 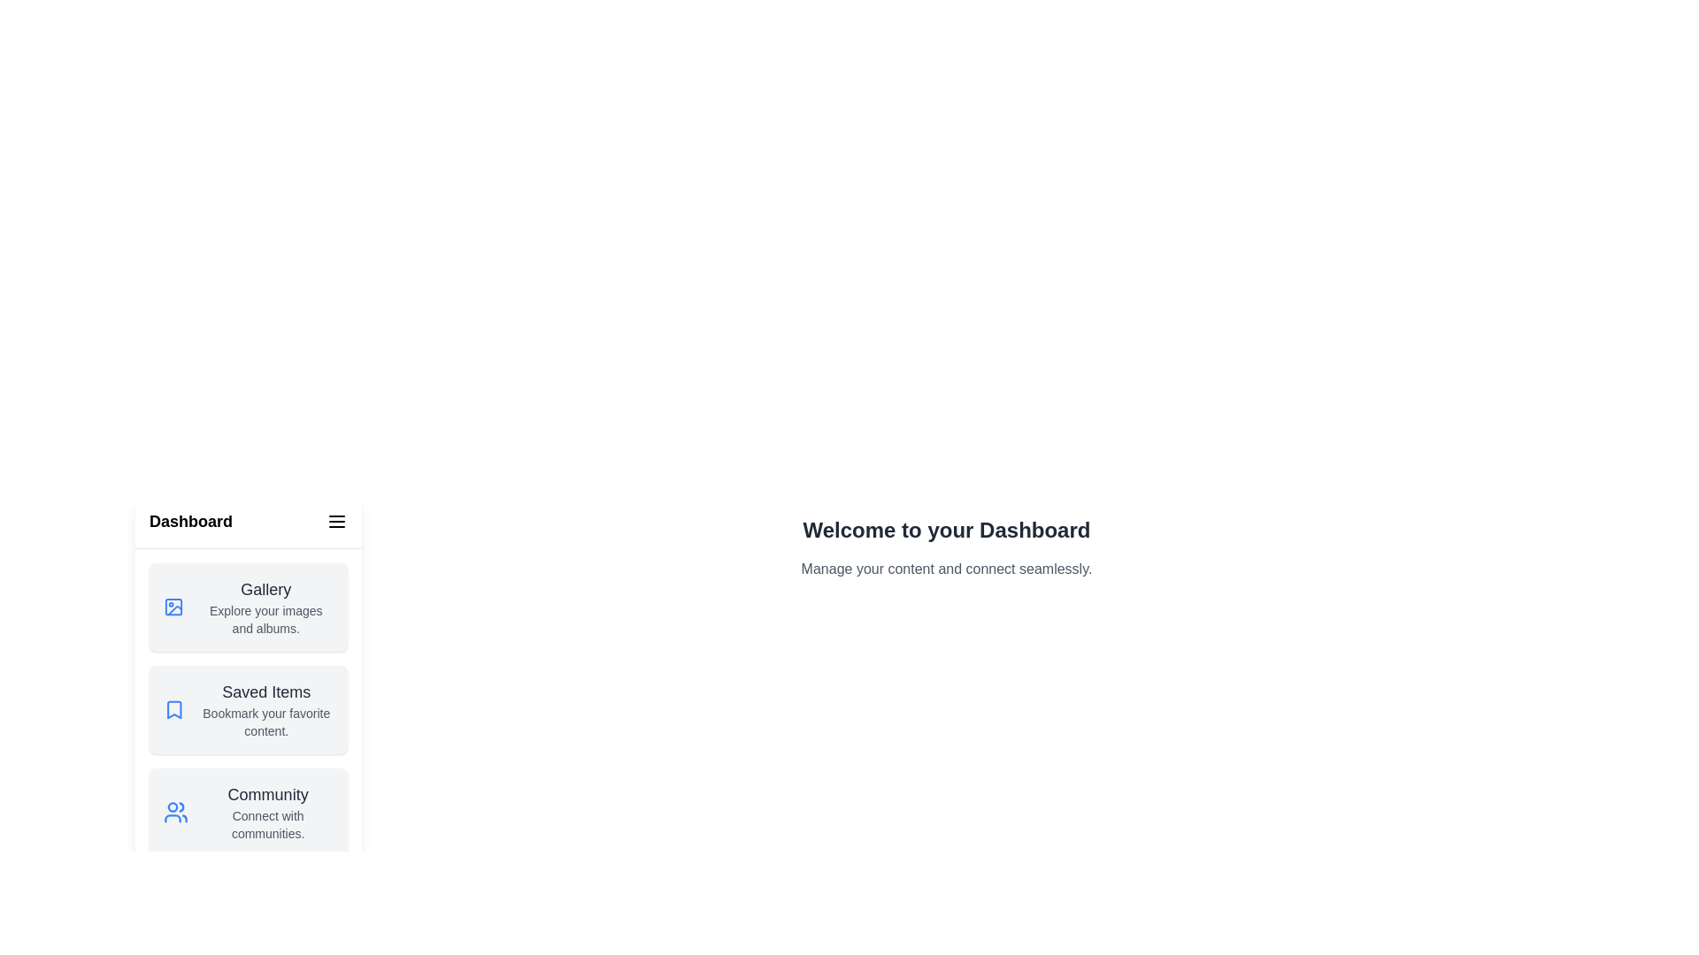 I want to click on the menu button to toggle the drawer visibility, so click(x=336, y=521).